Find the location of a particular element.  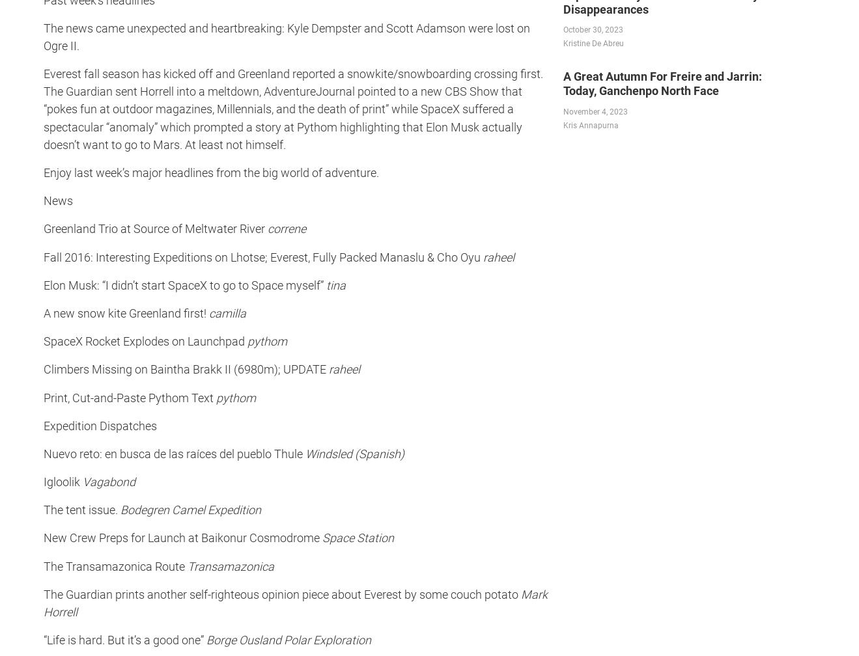

'Email Address' is located at coordinates (306, 7).